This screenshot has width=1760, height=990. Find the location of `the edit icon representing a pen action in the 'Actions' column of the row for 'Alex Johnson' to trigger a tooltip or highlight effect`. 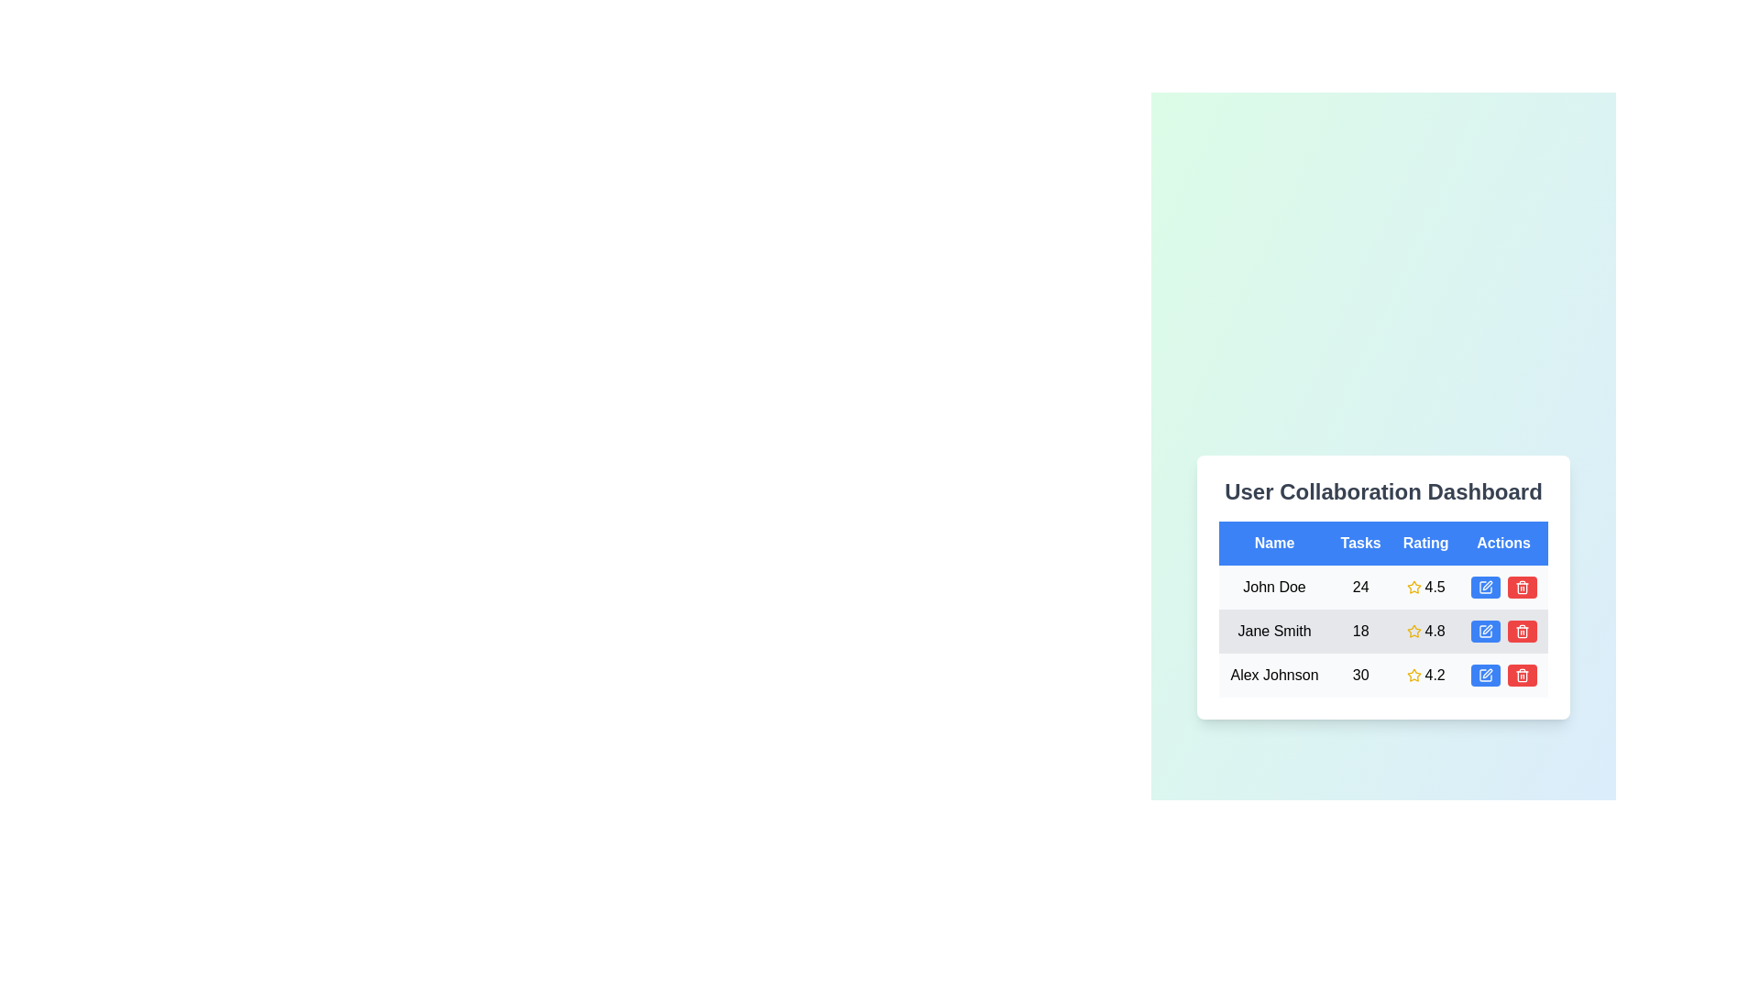

the edit icon representing a pen action in the 'Actions' column of the row for 'Alex Johnson' to trigger a tooltip or highlight effect is located at coordinates (1485, 675).